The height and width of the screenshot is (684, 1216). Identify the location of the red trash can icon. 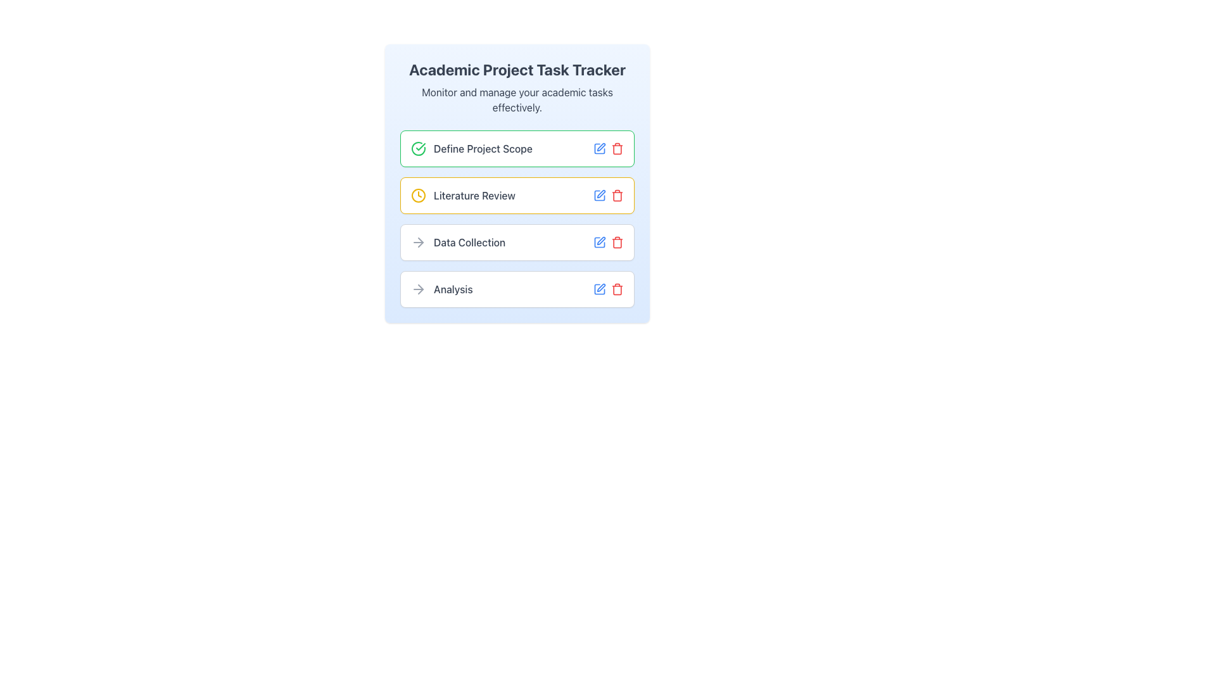
(608, 289).